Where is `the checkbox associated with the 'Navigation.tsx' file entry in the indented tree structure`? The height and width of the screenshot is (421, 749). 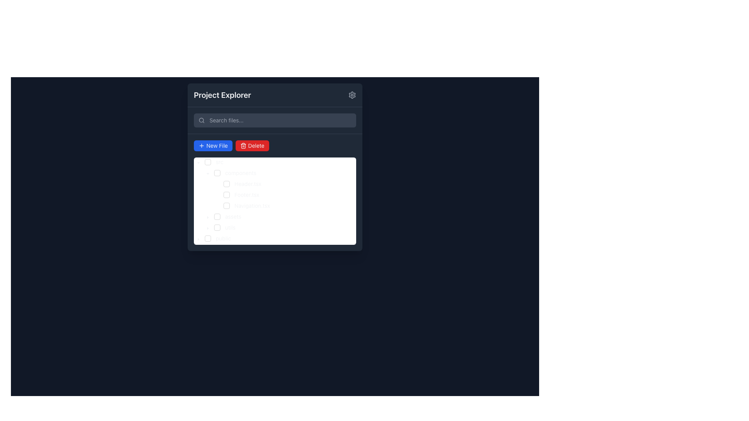
the checkbox associated with the 'Navigation.tsx' file entry in the indented tree structure is located at coordinates (226, 205).